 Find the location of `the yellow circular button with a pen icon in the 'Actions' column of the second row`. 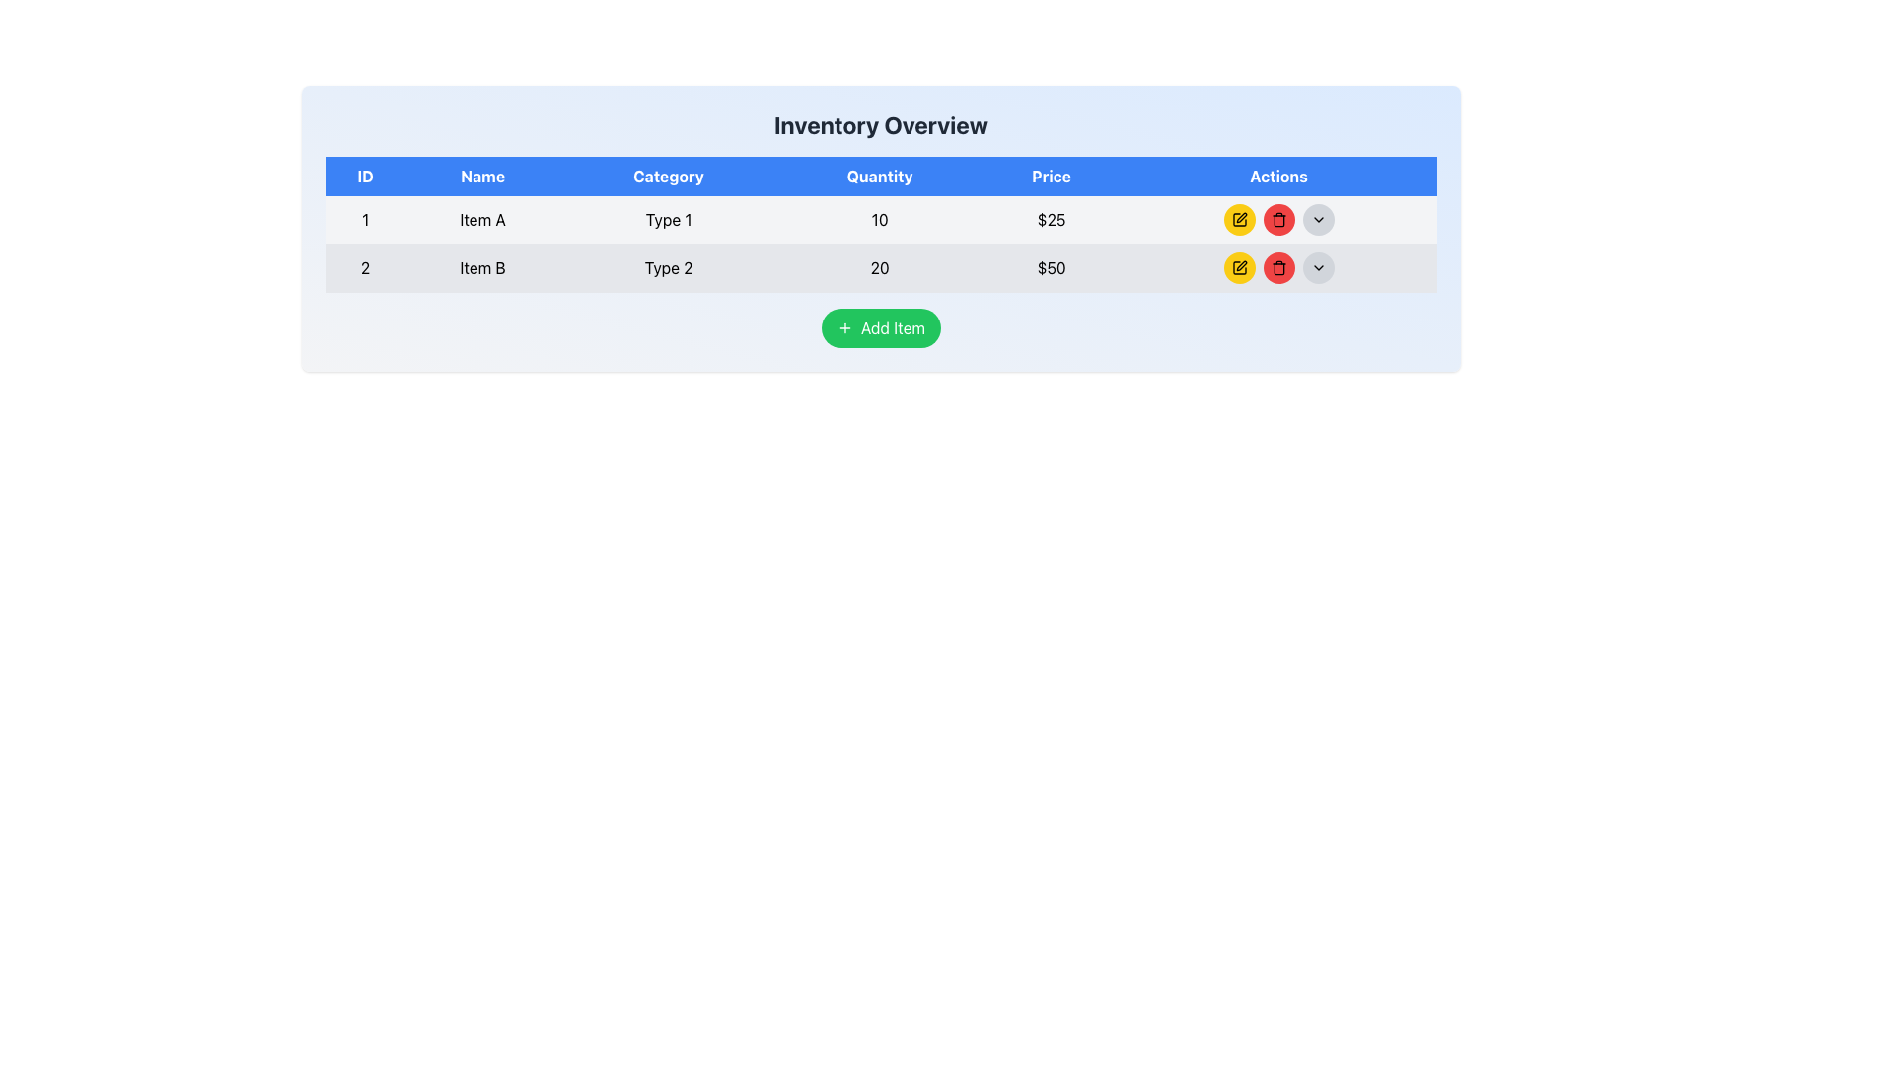

the yellow circular button with a pen icon in the 'Actions' column of the second row is located at coordinates (1238, 268).